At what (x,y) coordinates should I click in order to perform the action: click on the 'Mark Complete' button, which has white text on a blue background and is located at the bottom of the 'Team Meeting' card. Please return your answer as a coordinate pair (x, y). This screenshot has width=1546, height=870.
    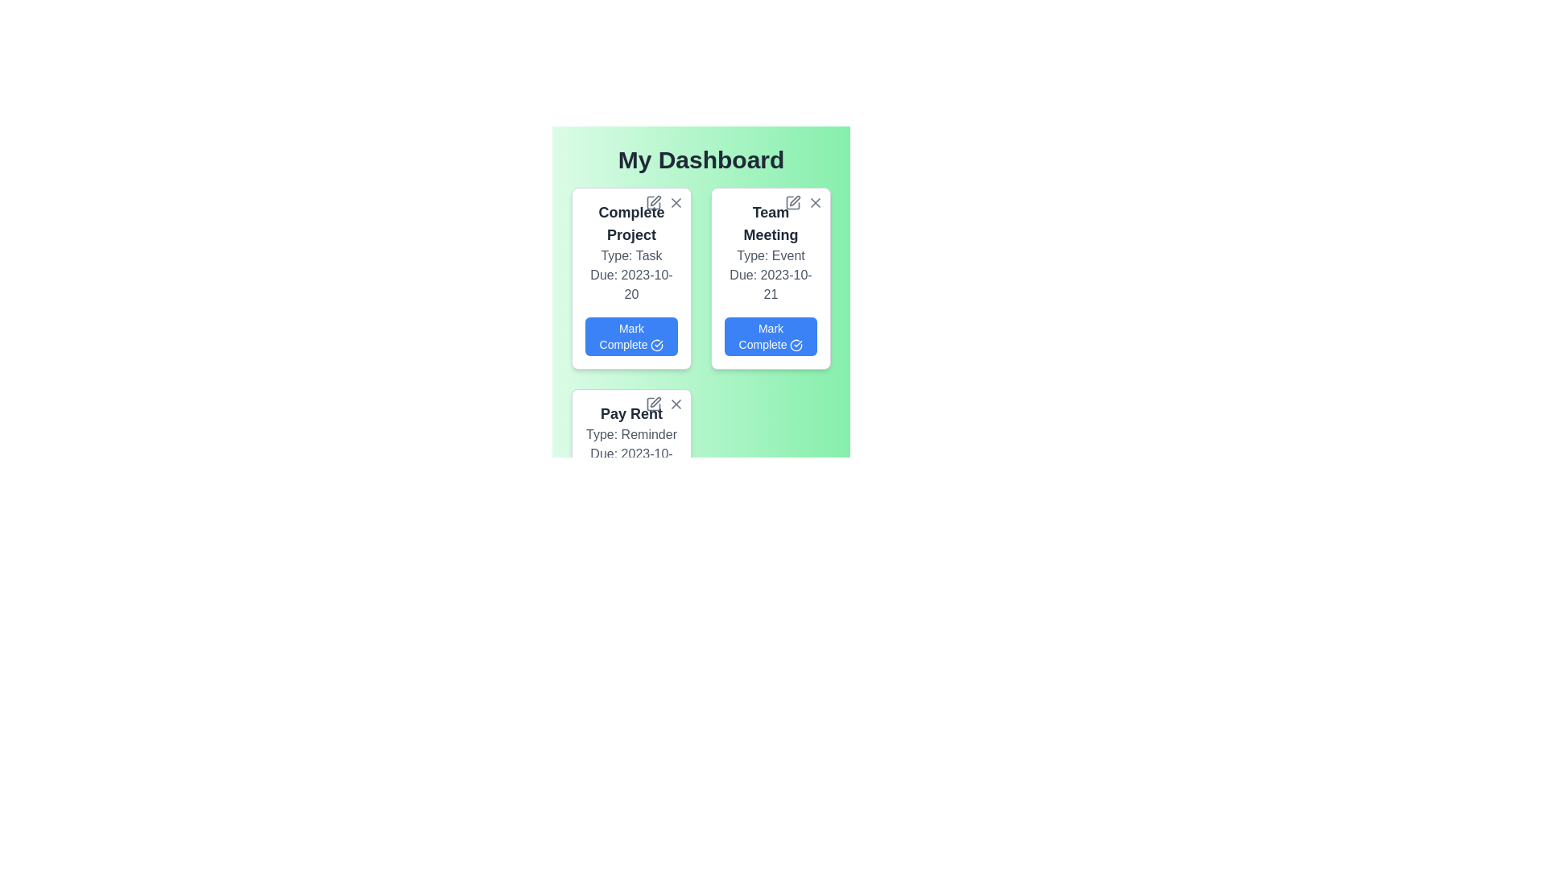
    Looking at the image, I should click on (770, 335).